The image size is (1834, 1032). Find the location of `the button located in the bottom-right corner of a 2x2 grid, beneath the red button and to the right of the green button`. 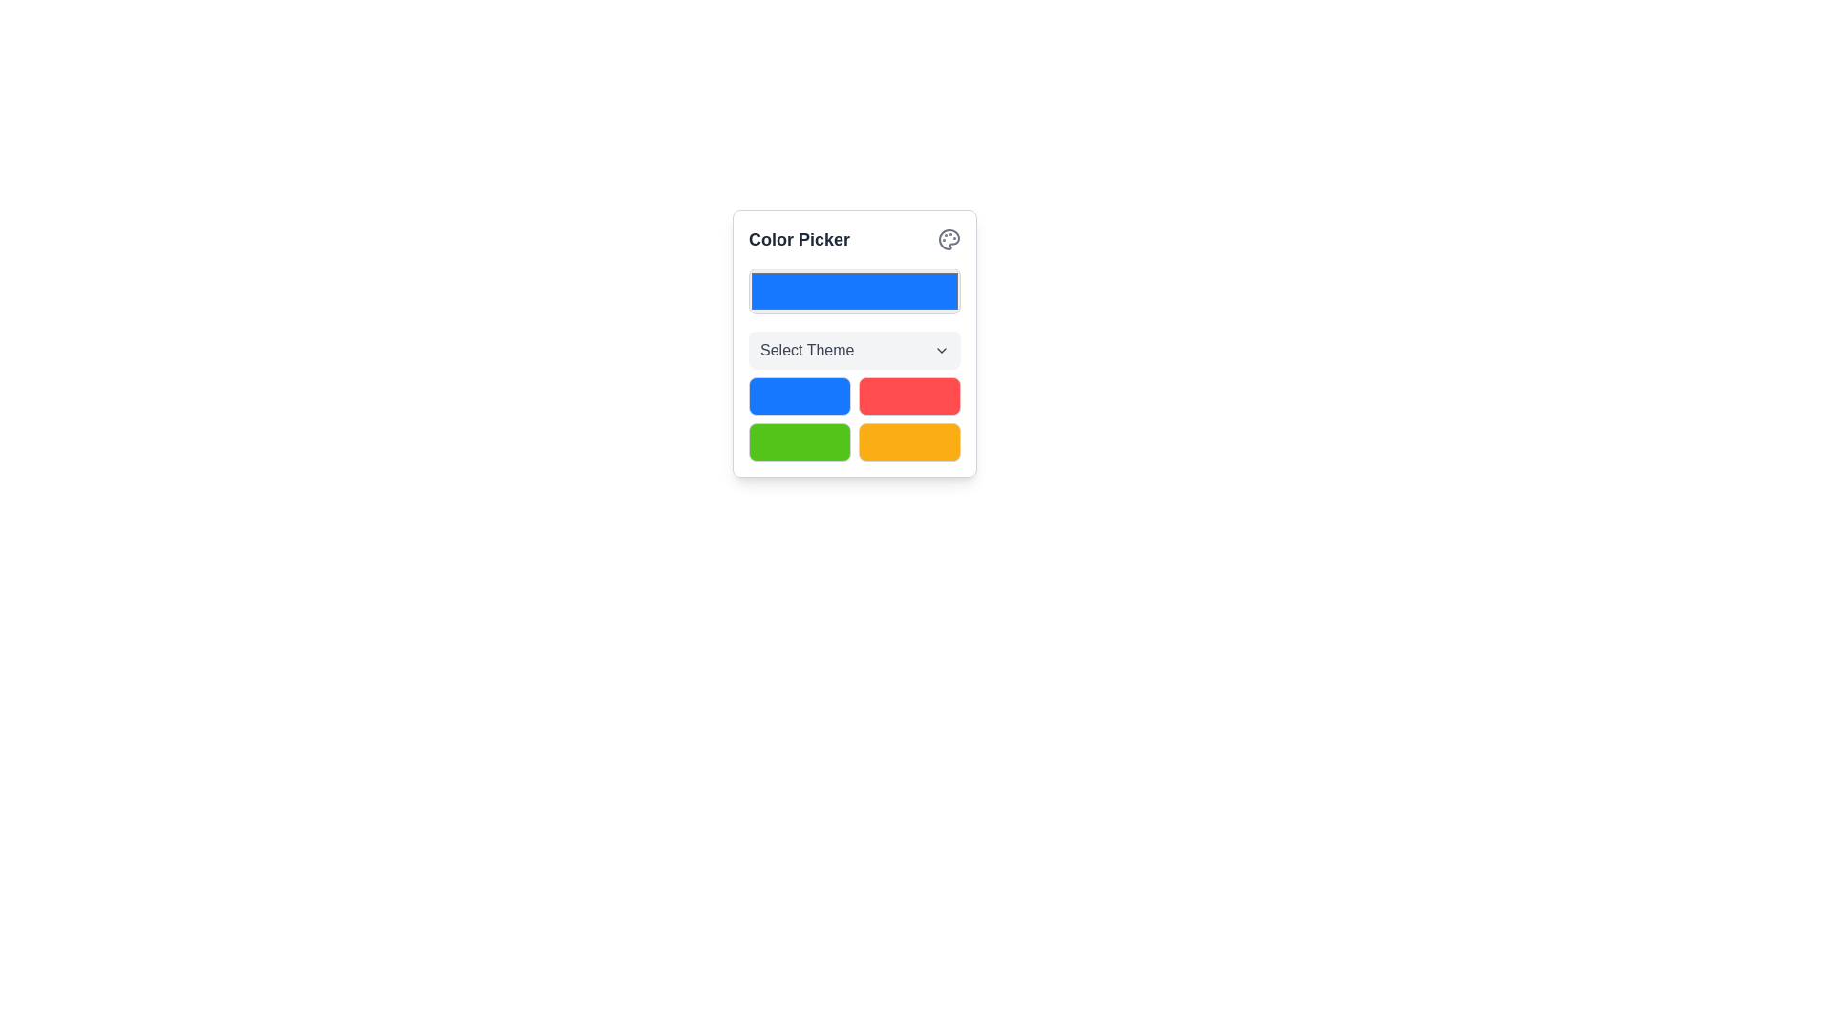

the button located in the bottom-right corner of a 2x2 grid, beneath the red button and to the right of the green button is located at coordinates (908, 441).